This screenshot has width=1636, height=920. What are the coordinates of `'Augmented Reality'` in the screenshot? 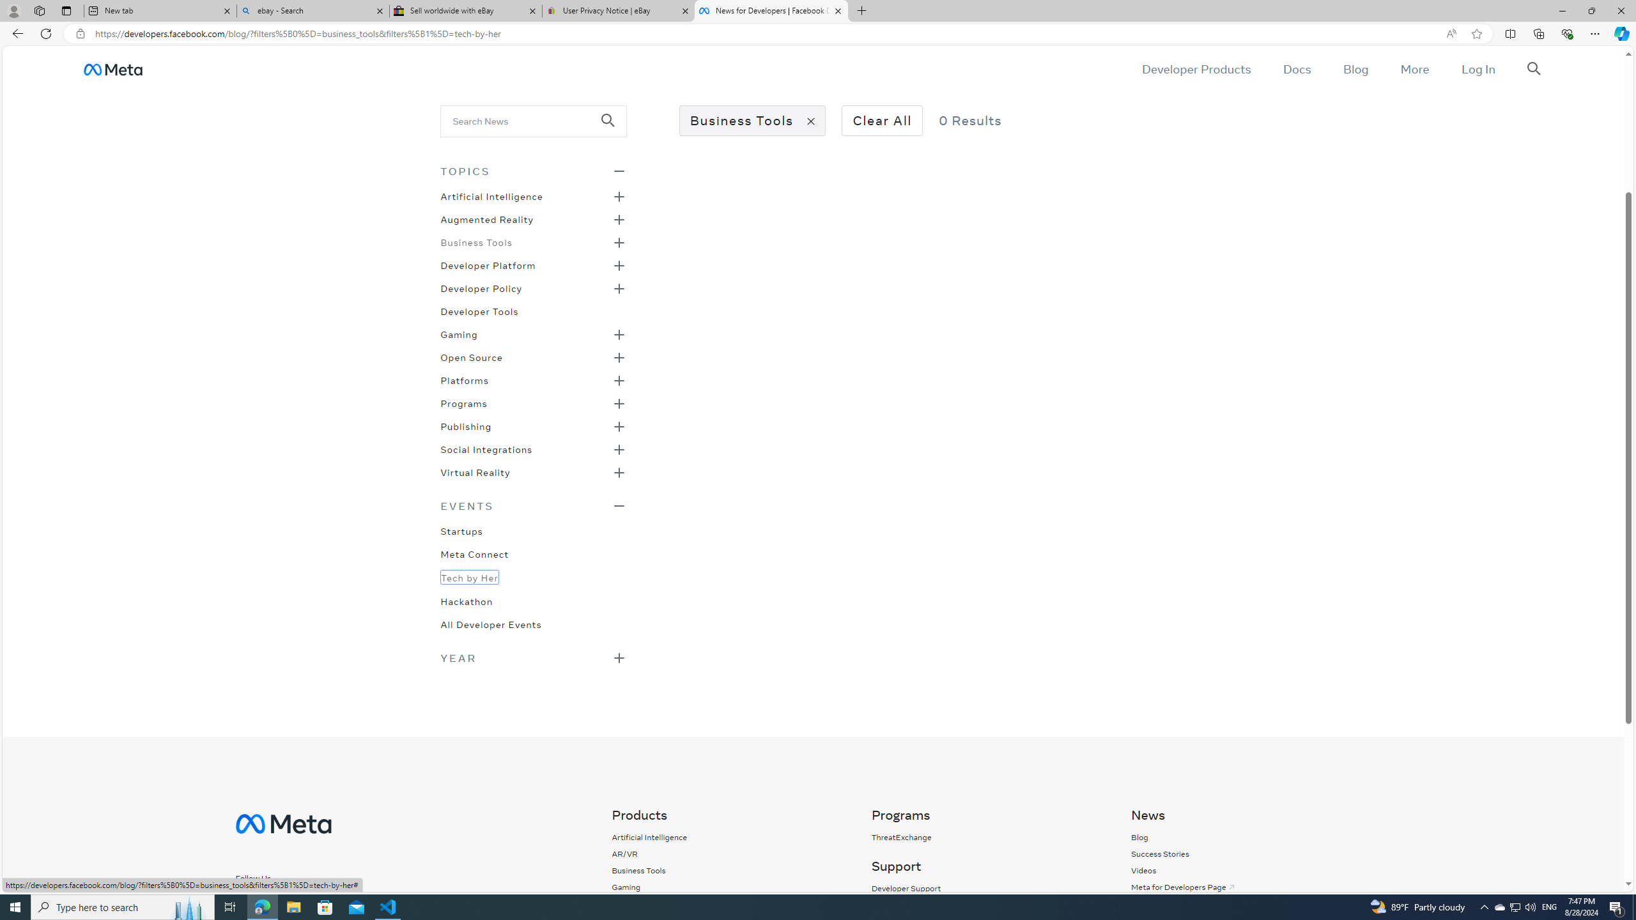 It's located at (487, 218).